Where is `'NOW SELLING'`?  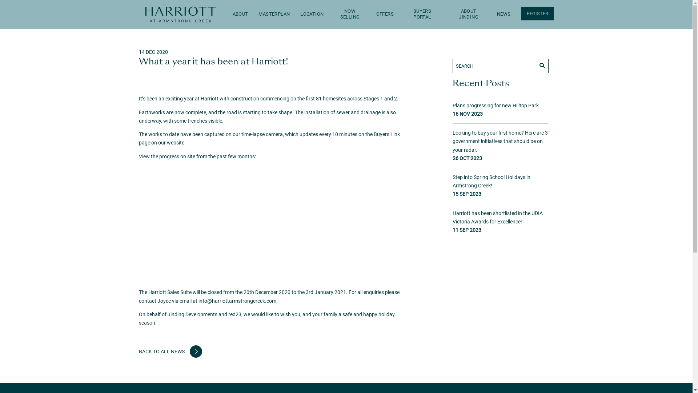
'NOW SELLING' is located at coordinates (350, 15).